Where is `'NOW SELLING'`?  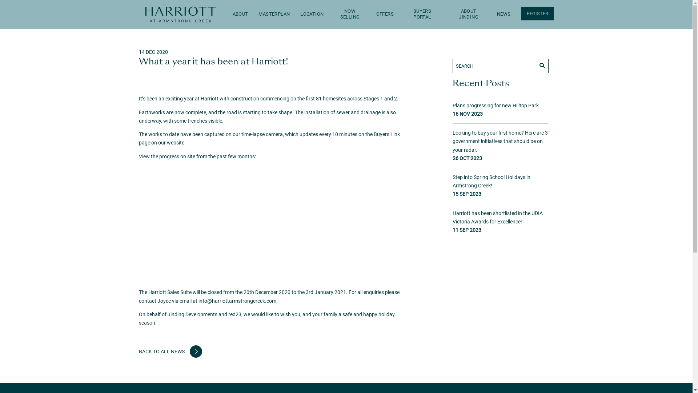
'NOW SELLING' is located at coordinates (350, 15).